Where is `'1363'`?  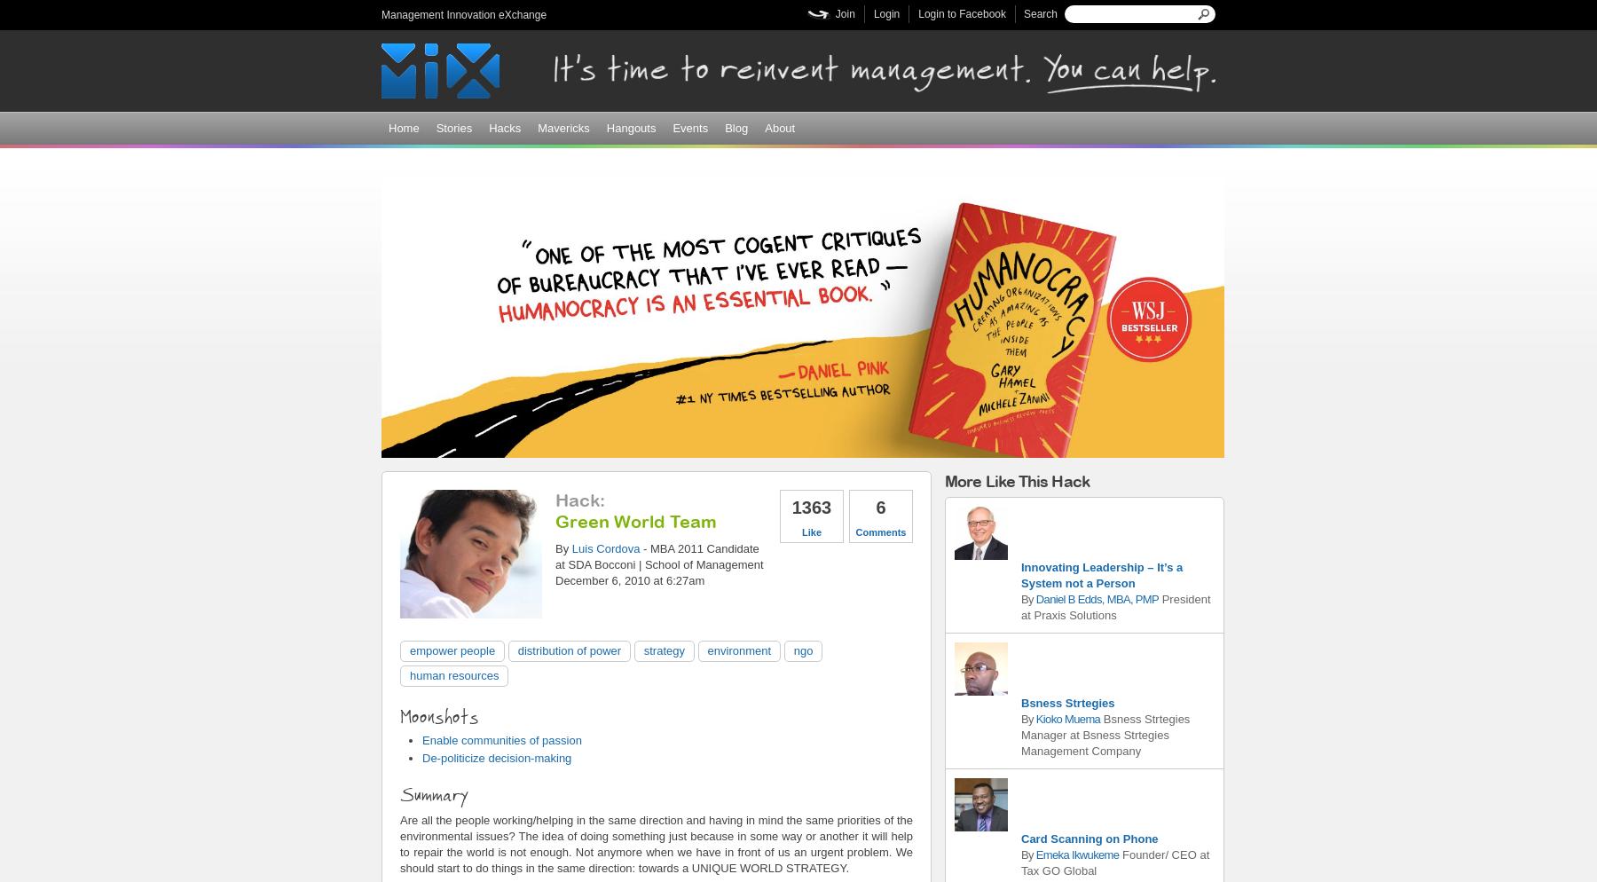 '1363' is located at coordinates (791, 506).